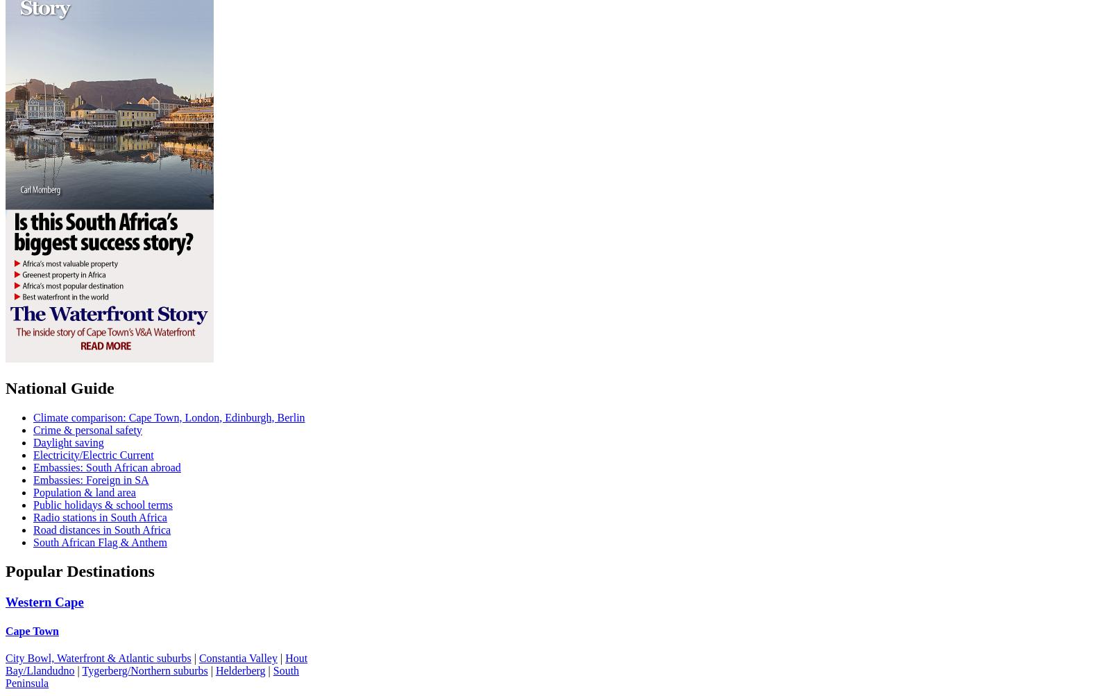 This screenshot has width=1104, height=696. What do you see at coordinates (33, 441) in the screenshot?
I see `'Daylight saving'` at bounding box center [33, 441].